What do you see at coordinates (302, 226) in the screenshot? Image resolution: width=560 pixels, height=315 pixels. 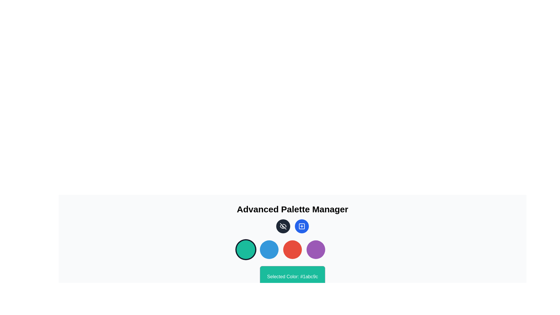 I see `the blue square button with a white plus symbol located in the top-right corner, second from the right` at bounding box center [302, 226].